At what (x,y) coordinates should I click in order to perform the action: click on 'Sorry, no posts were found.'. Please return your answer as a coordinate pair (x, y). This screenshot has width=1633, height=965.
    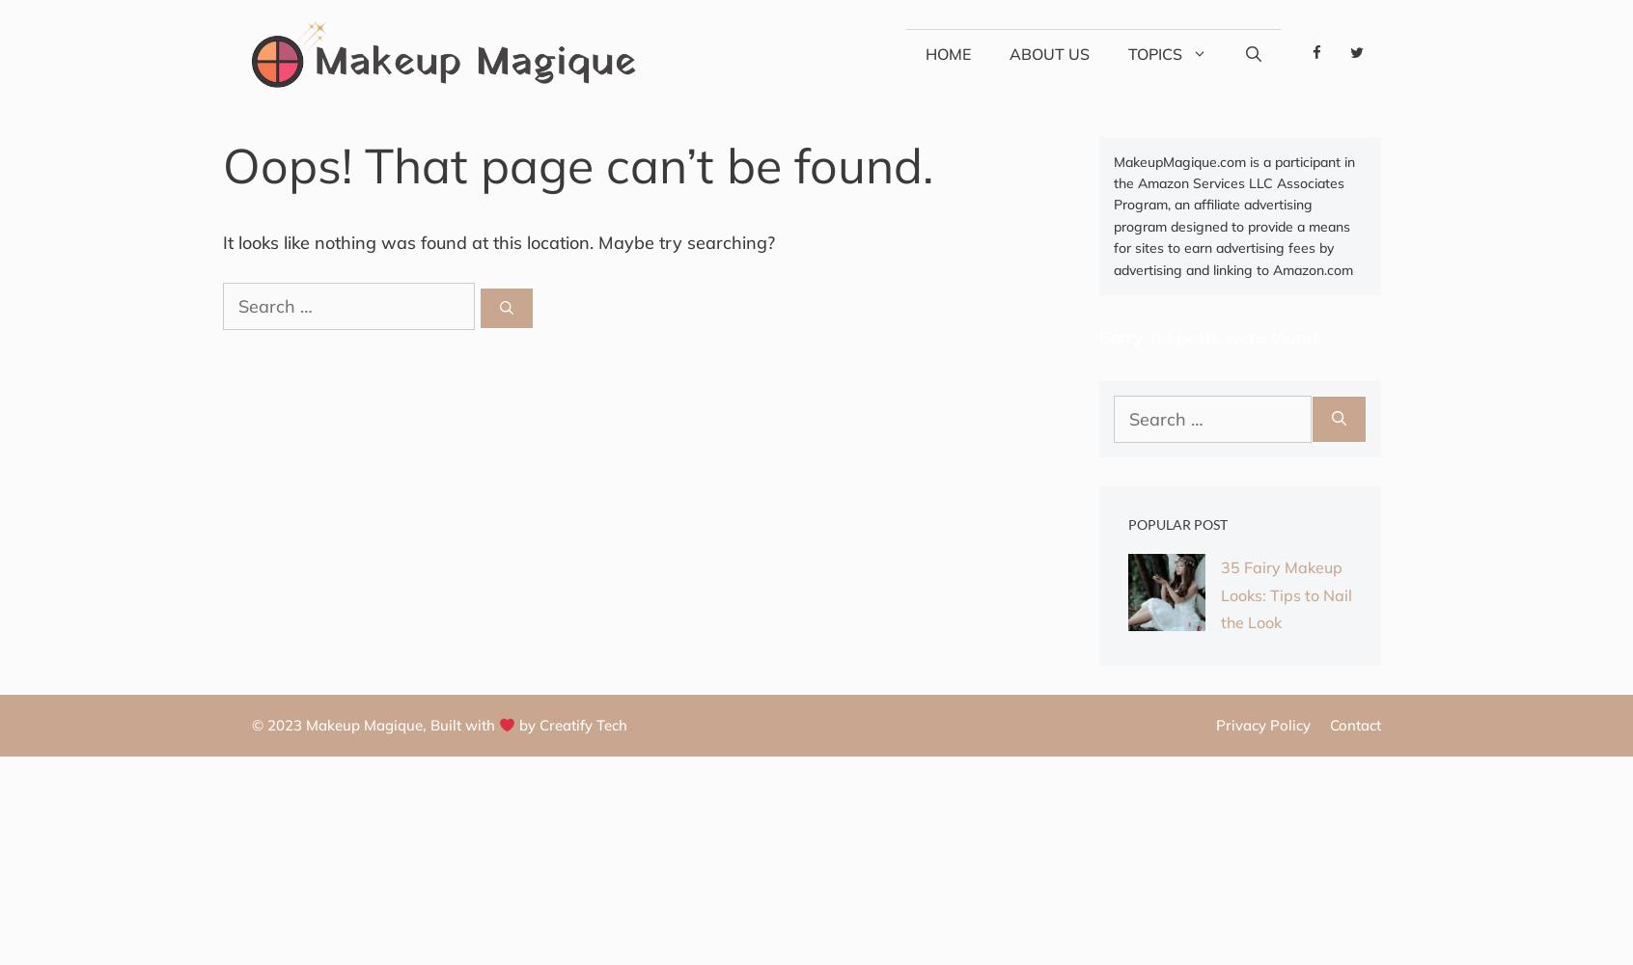
    Looking at the image, I should click on (1208, 336).